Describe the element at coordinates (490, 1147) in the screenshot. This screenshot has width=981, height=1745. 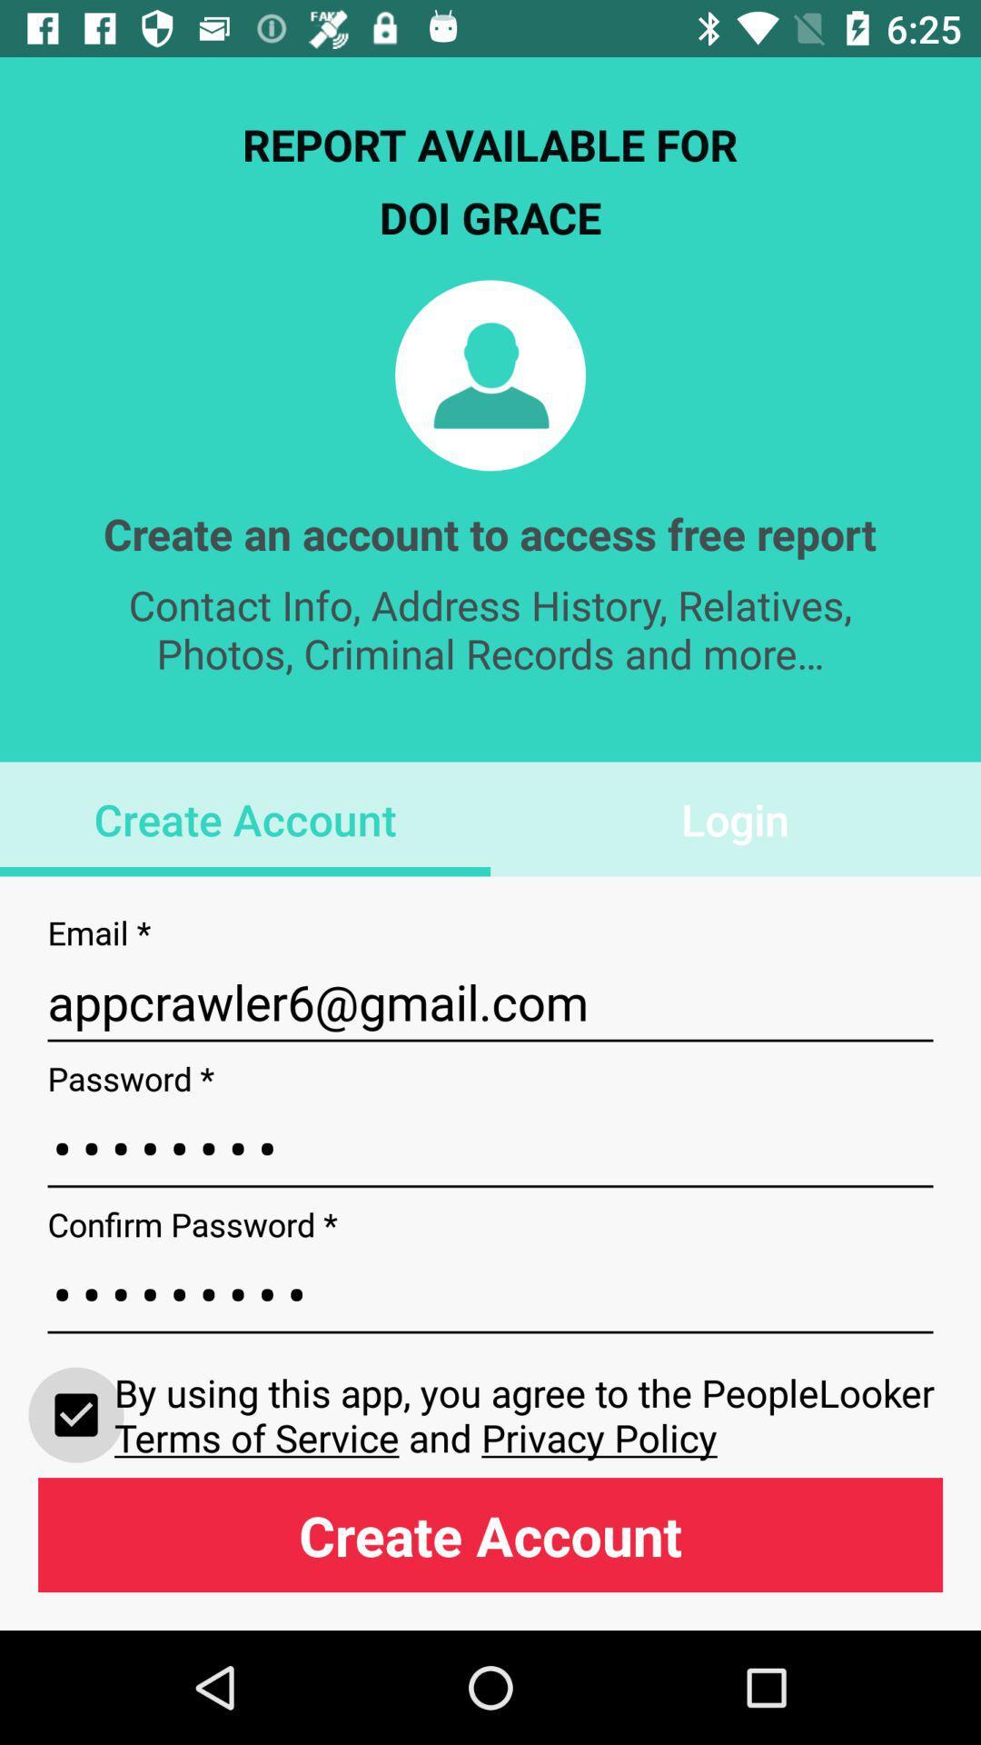
I see `icon above crowd3116` at that location.